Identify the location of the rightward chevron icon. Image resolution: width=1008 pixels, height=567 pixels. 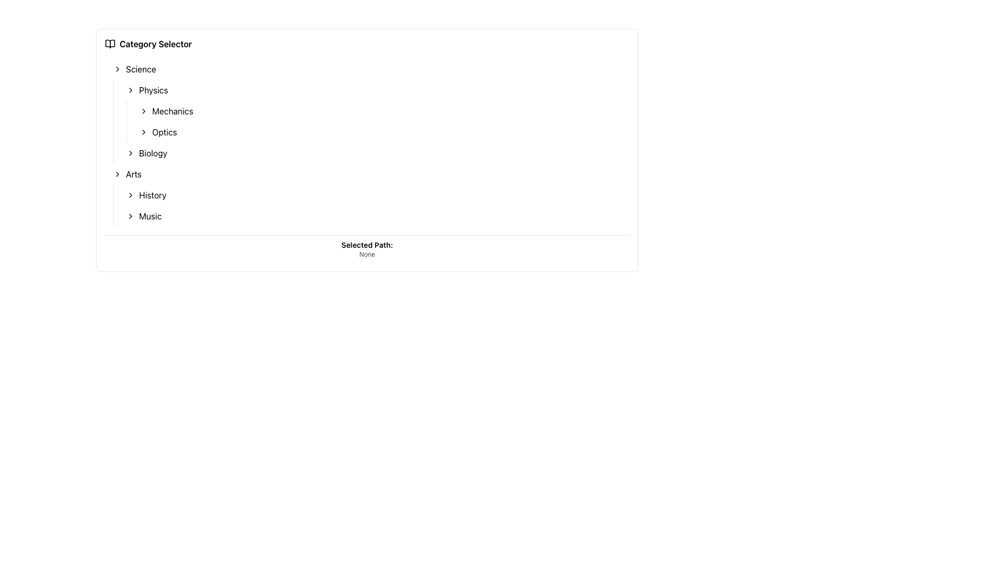
(118, 173).